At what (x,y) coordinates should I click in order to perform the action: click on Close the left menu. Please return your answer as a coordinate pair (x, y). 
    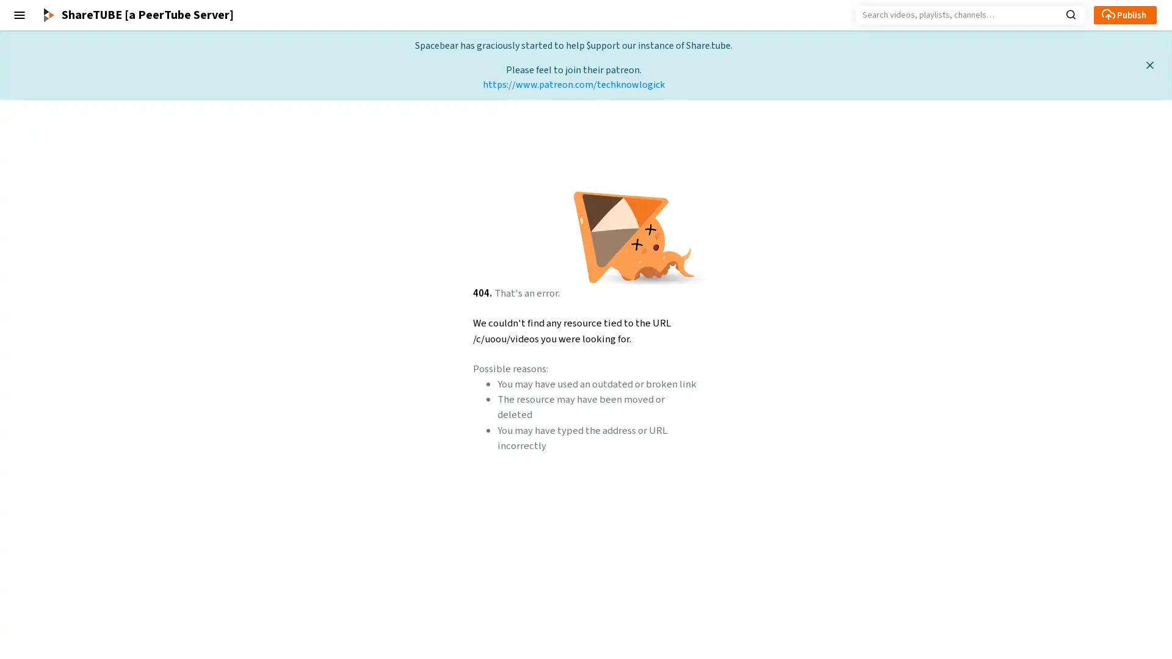
    Looking at the image, I should click on (20, 15).